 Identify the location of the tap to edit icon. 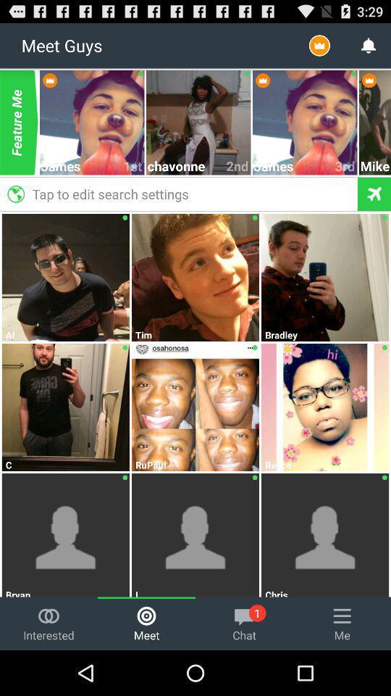
(178, 193).